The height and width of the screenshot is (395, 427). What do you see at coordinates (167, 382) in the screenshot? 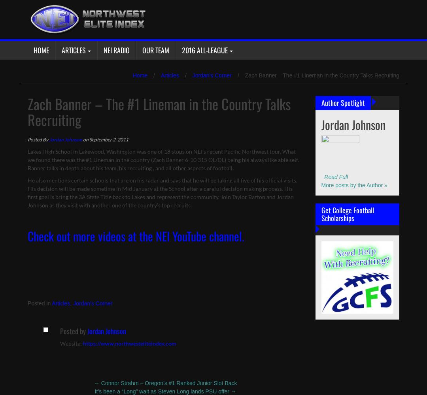
I see `'Connor Strahm – Oregon’s #1 Ranked Junior Slot Back'` at bounding box center [167, 382].